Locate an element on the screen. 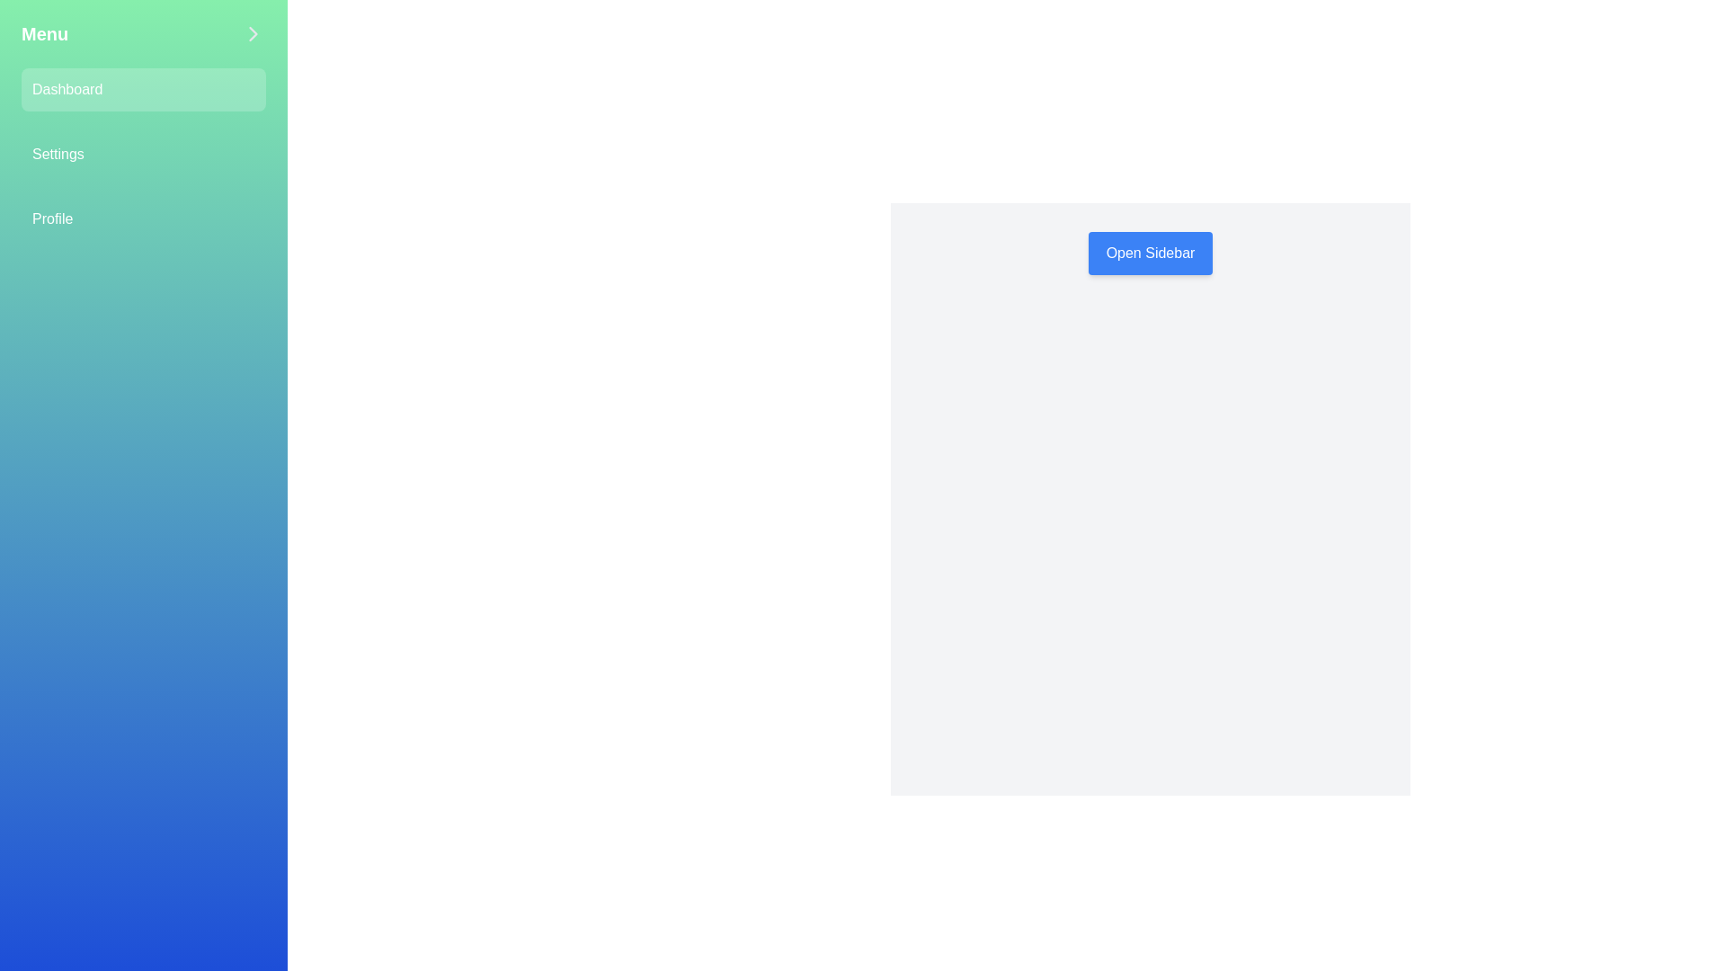  the menu option Dashboard in the sidebar to navigate to the respective section is located at coordinates (142, 90).